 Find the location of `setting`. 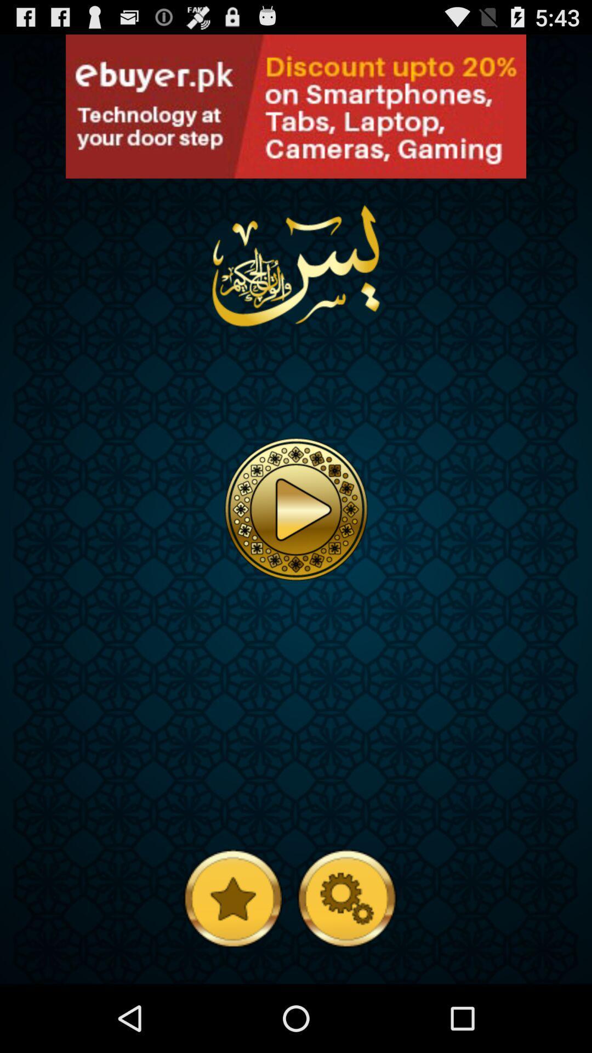

setting is located at coordinates (346, 897).